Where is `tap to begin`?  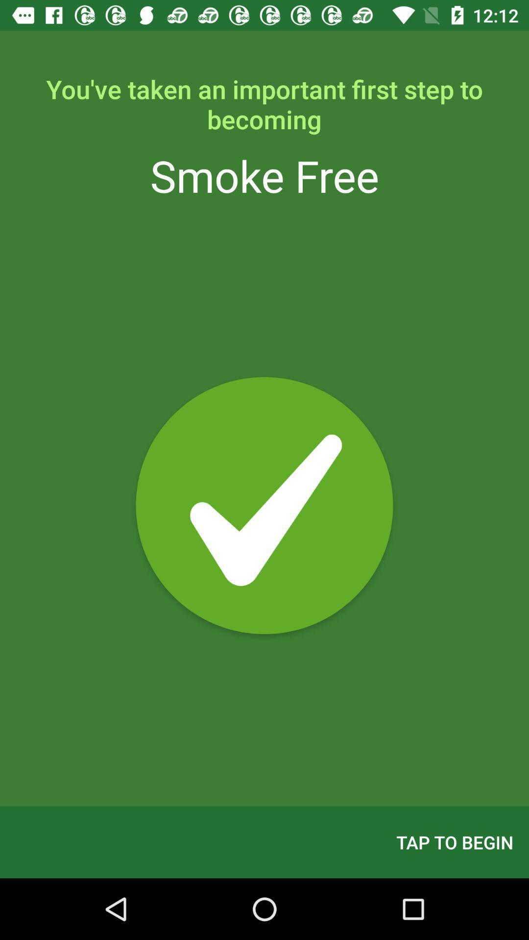 tap to begin is located at coordinates (455, 842).